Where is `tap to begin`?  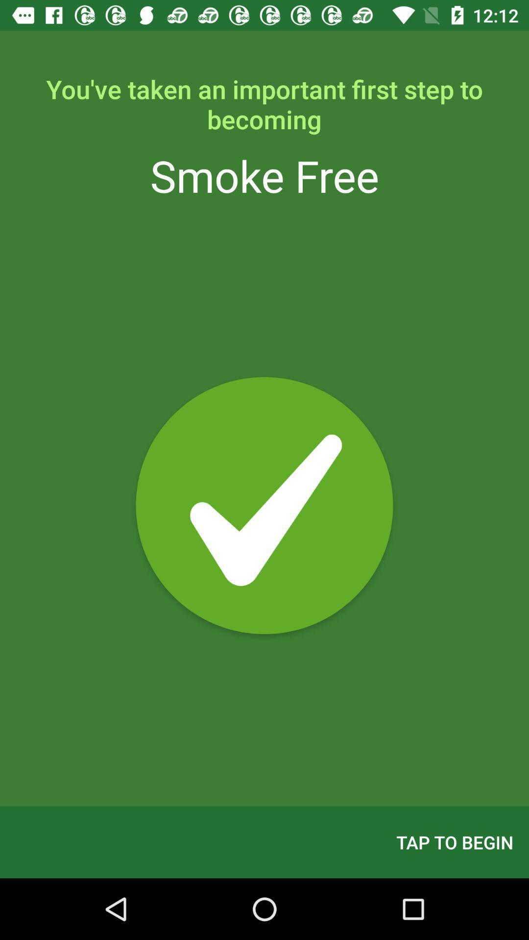 tap to begin is located at coordinates (455, 842).